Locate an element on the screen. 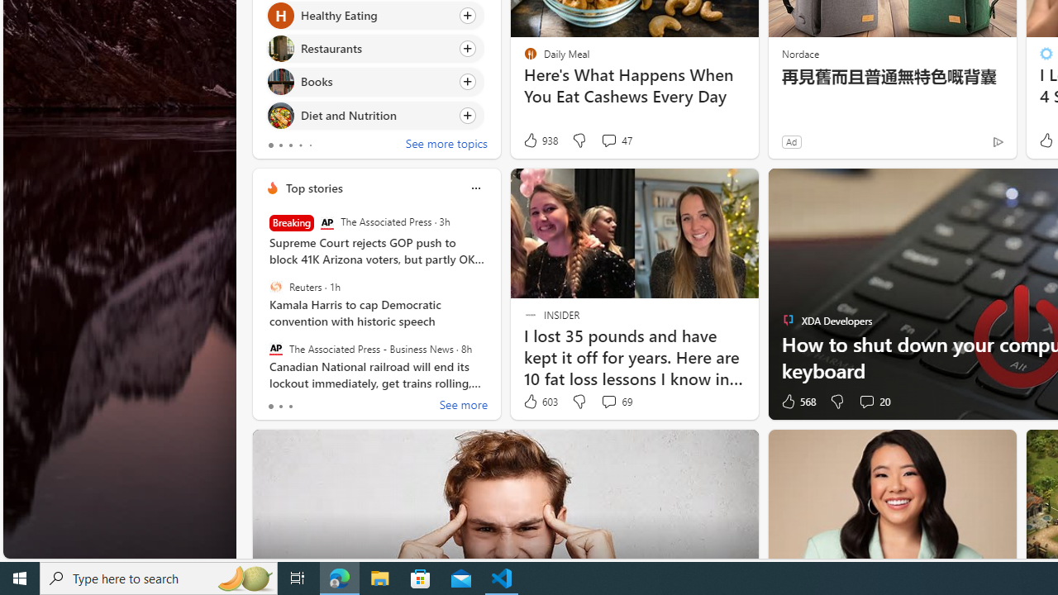 The image size is (1058, 595). 'Class: icon-img' is located at coordinates (474, 188).